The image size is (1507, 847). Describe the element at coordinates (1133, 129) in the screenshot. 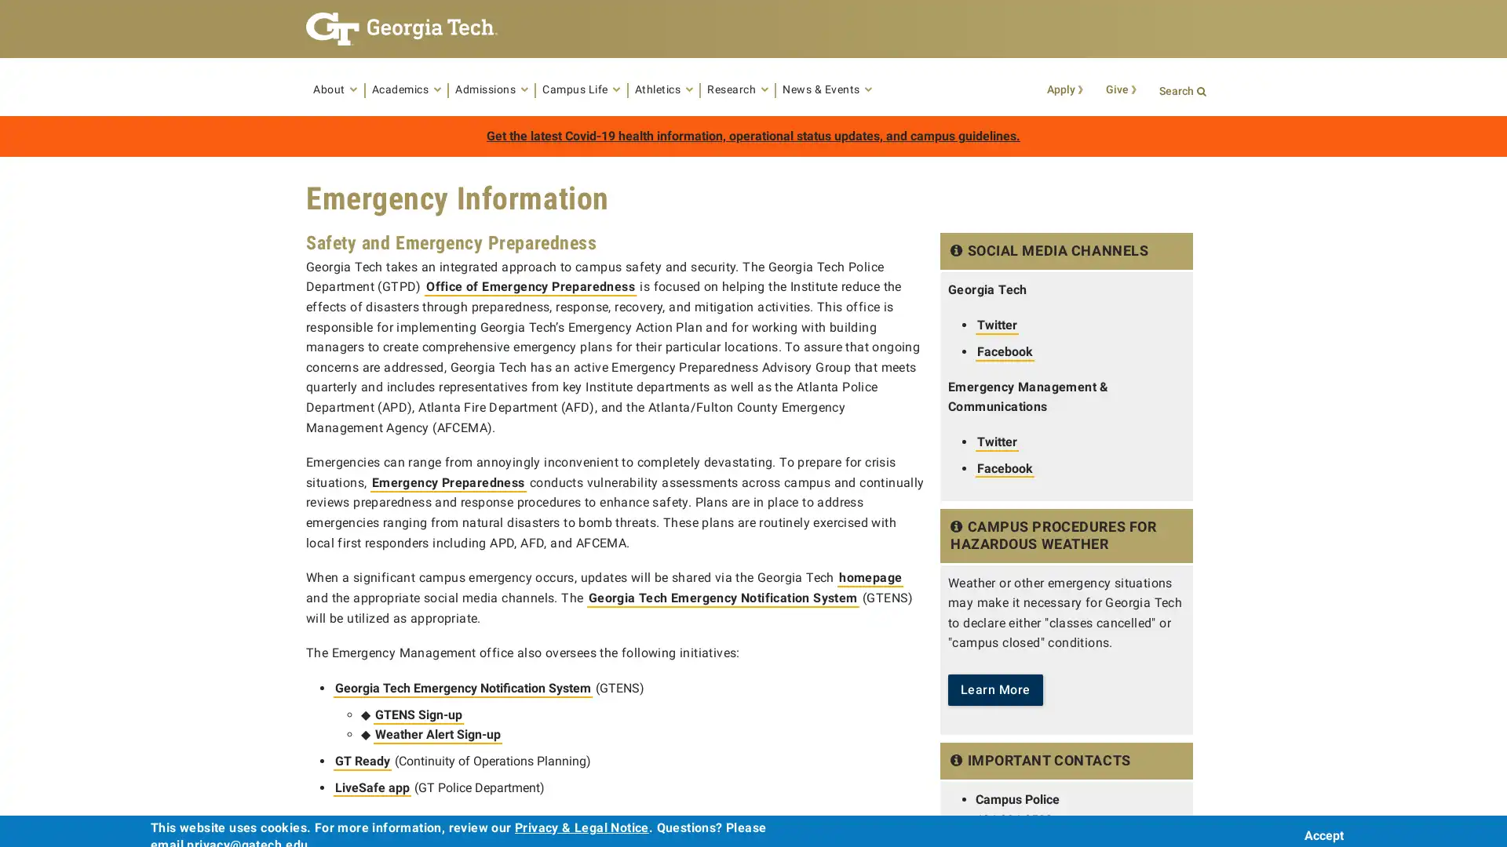

I see `Search Button` at that location.